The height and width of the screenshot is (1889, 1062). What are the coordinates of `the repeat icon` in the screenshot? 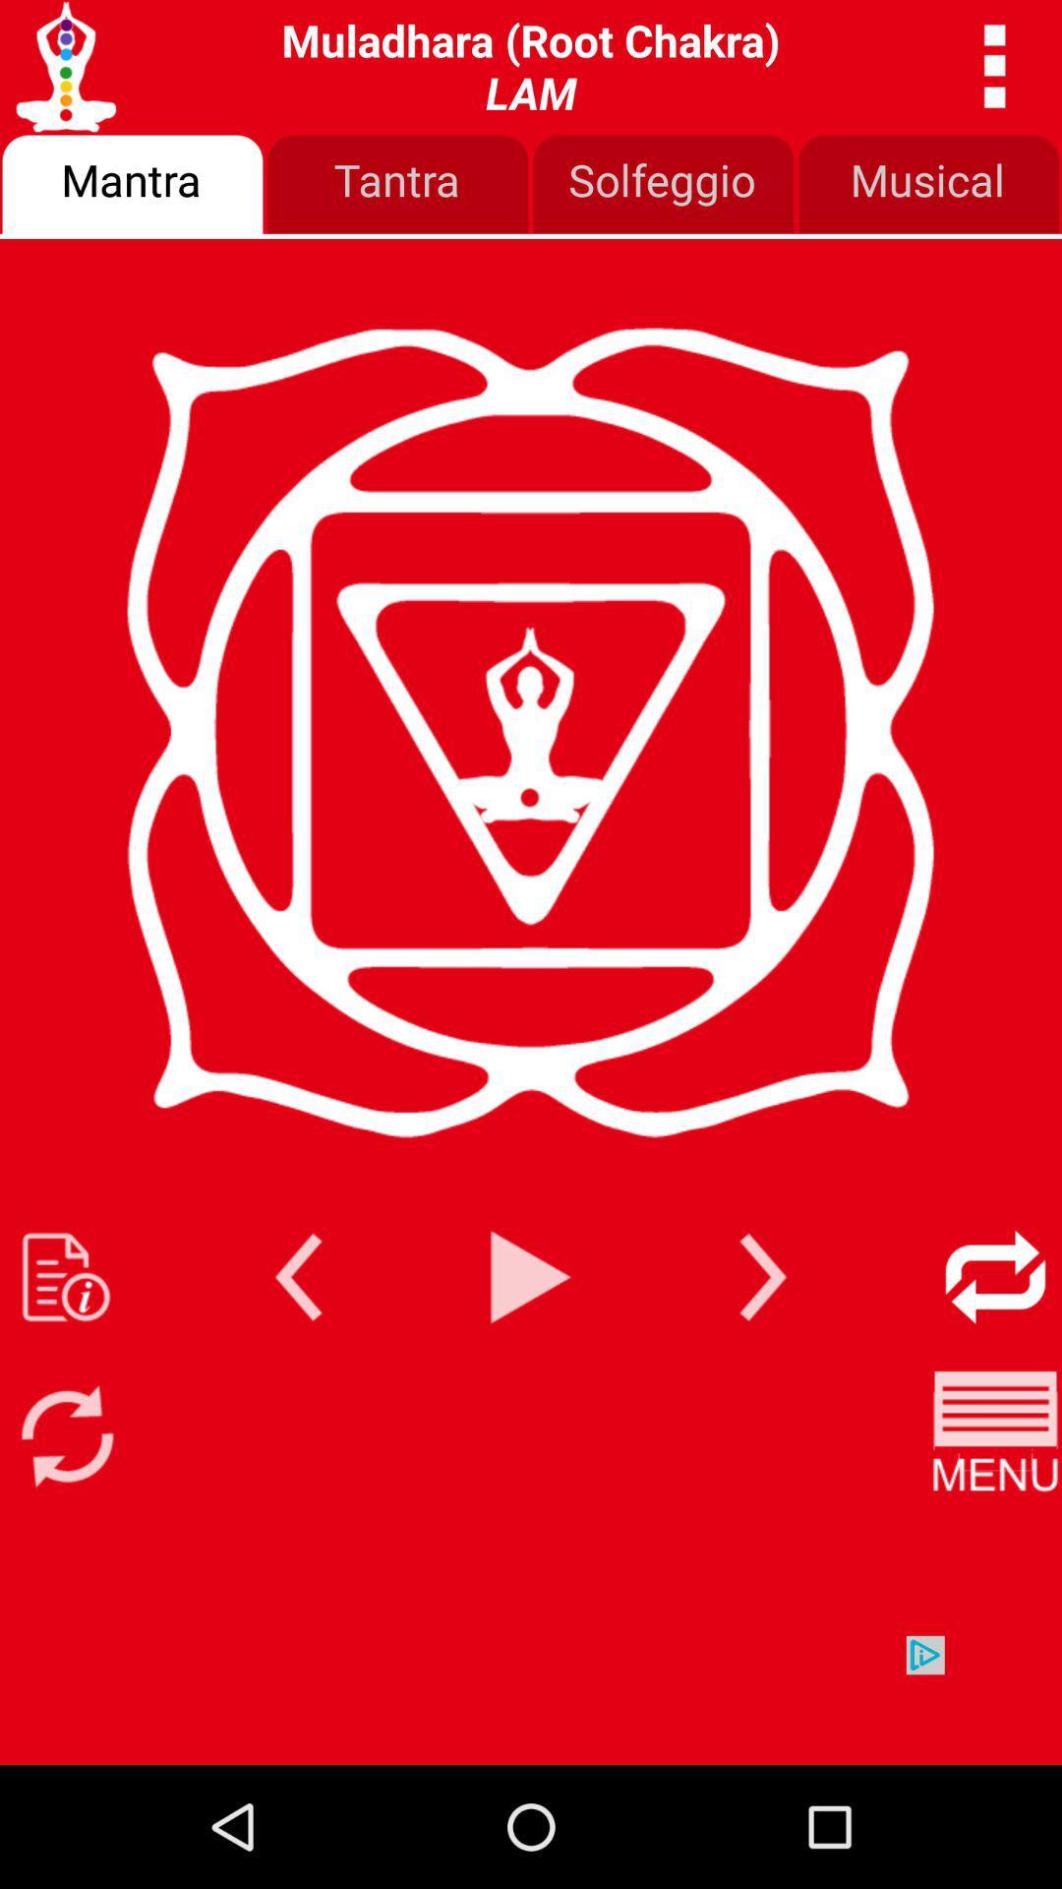 It's located at (995, 1366).